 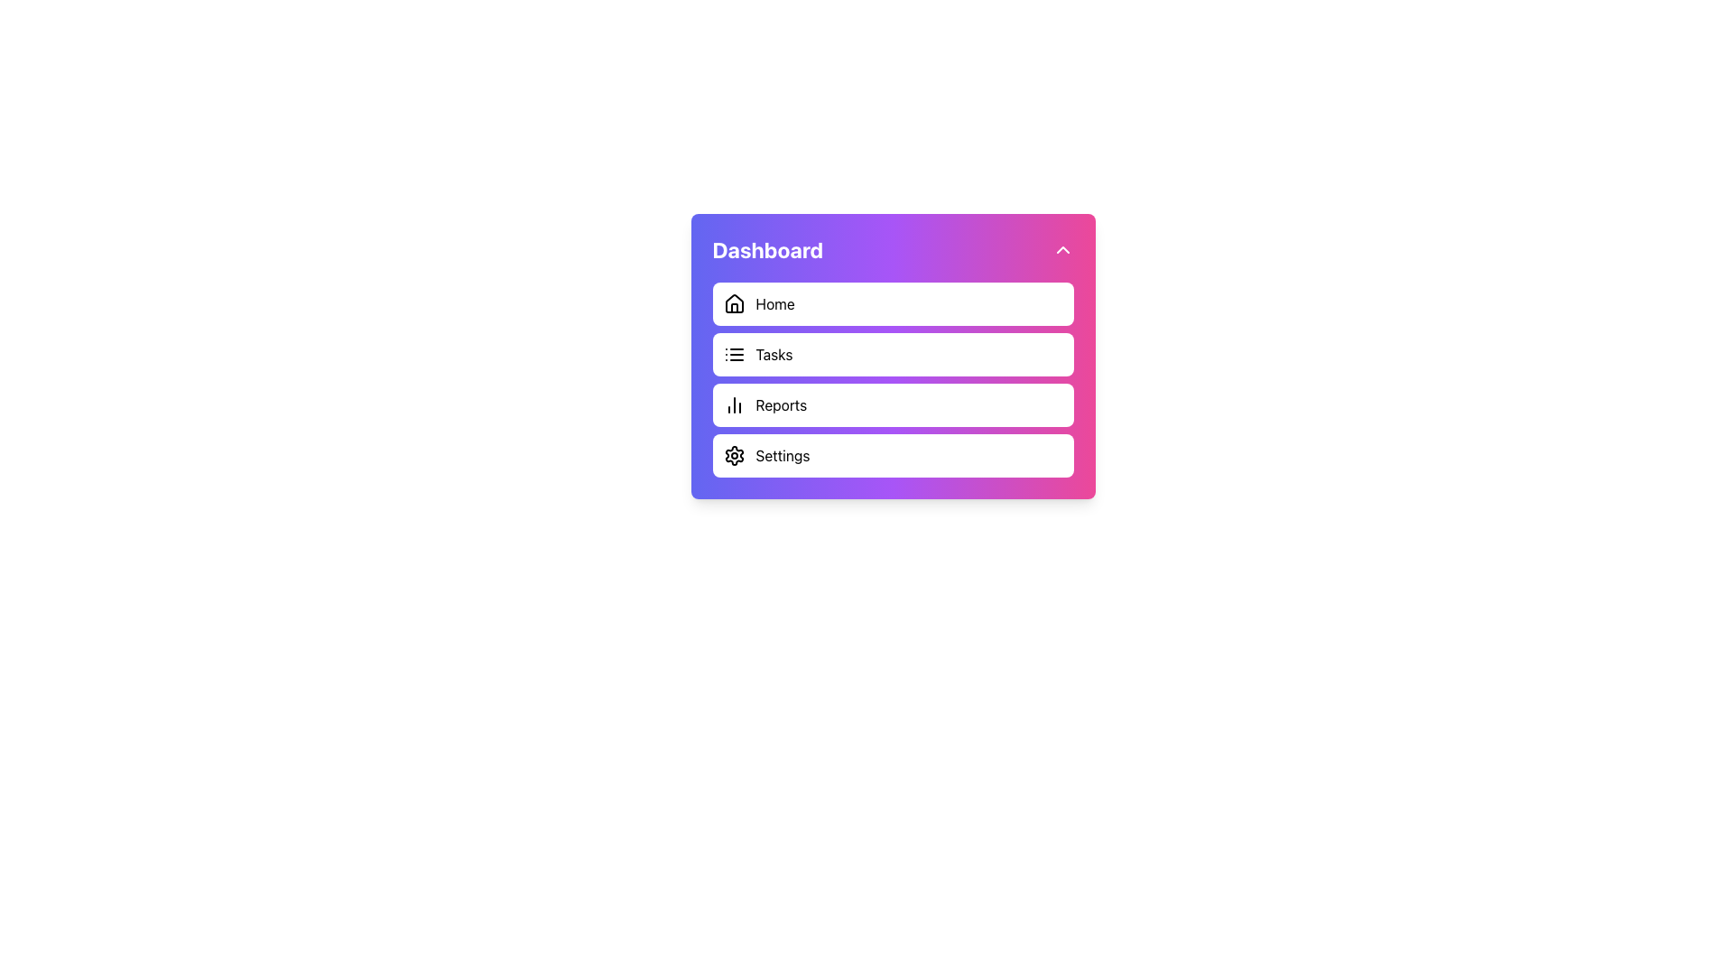 What do you see at coordinates (893, 378) in the screenshot?
I see `the 'Reports' button in the vertical menu` at bounding box center [893, 378].